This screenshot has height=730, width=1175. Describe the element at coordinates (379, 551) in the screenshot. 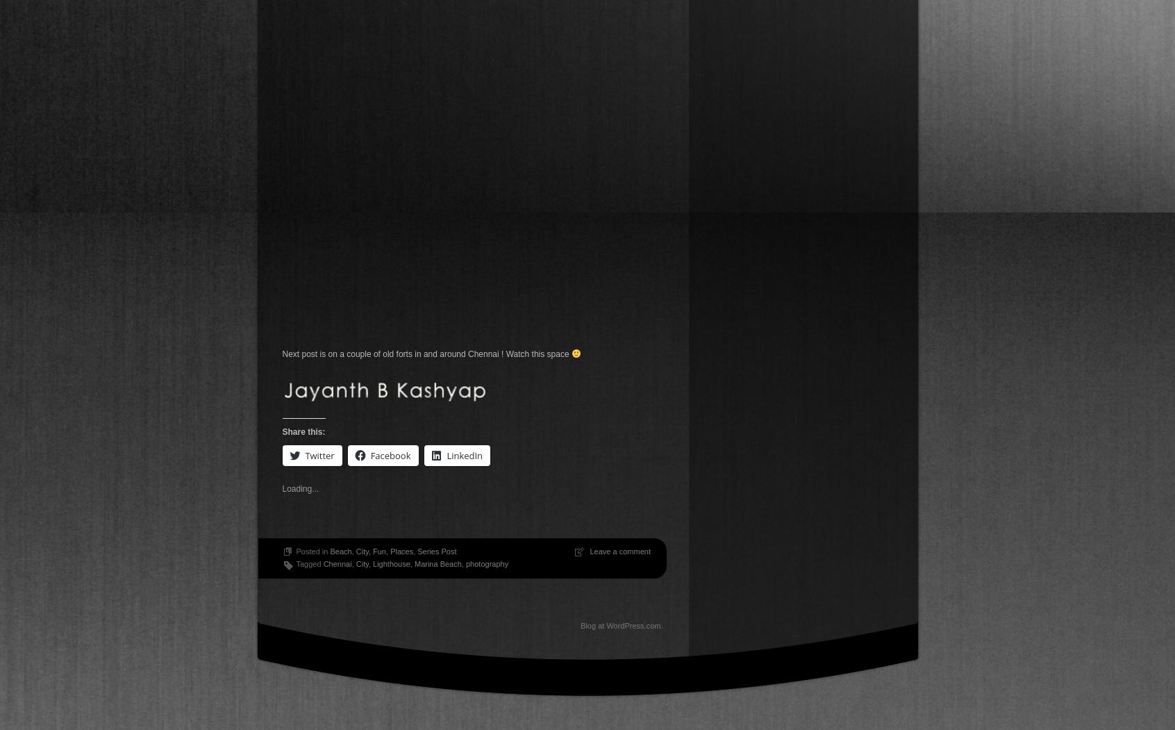

I see `'Fun'` at that location.